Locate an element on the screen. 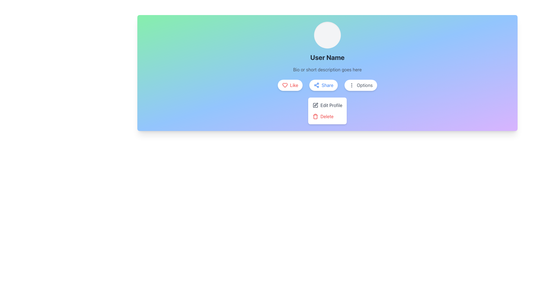  the pen-in-square icon located to the left of the 'Edit Profile' button, which is part of the user information section is located at coordinates (315, 105).